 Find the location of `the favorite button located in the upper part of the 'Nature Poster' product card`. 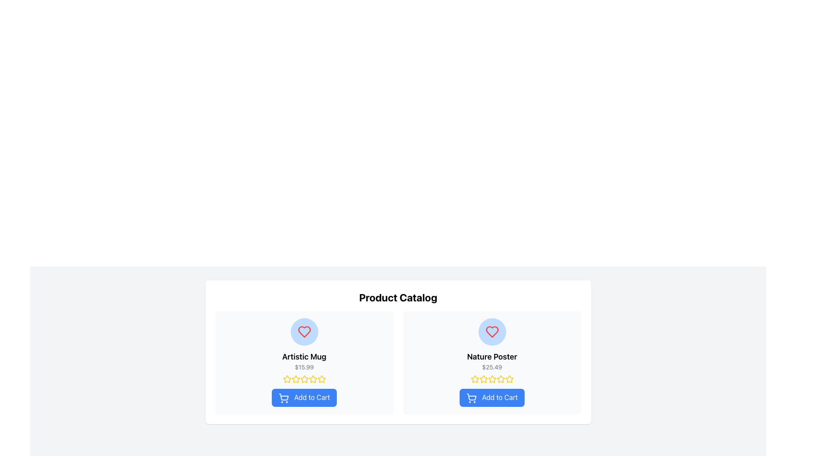

the favorite button located in the upper part of the 'Nature Poster' product card is located at coordinates (492, 332).